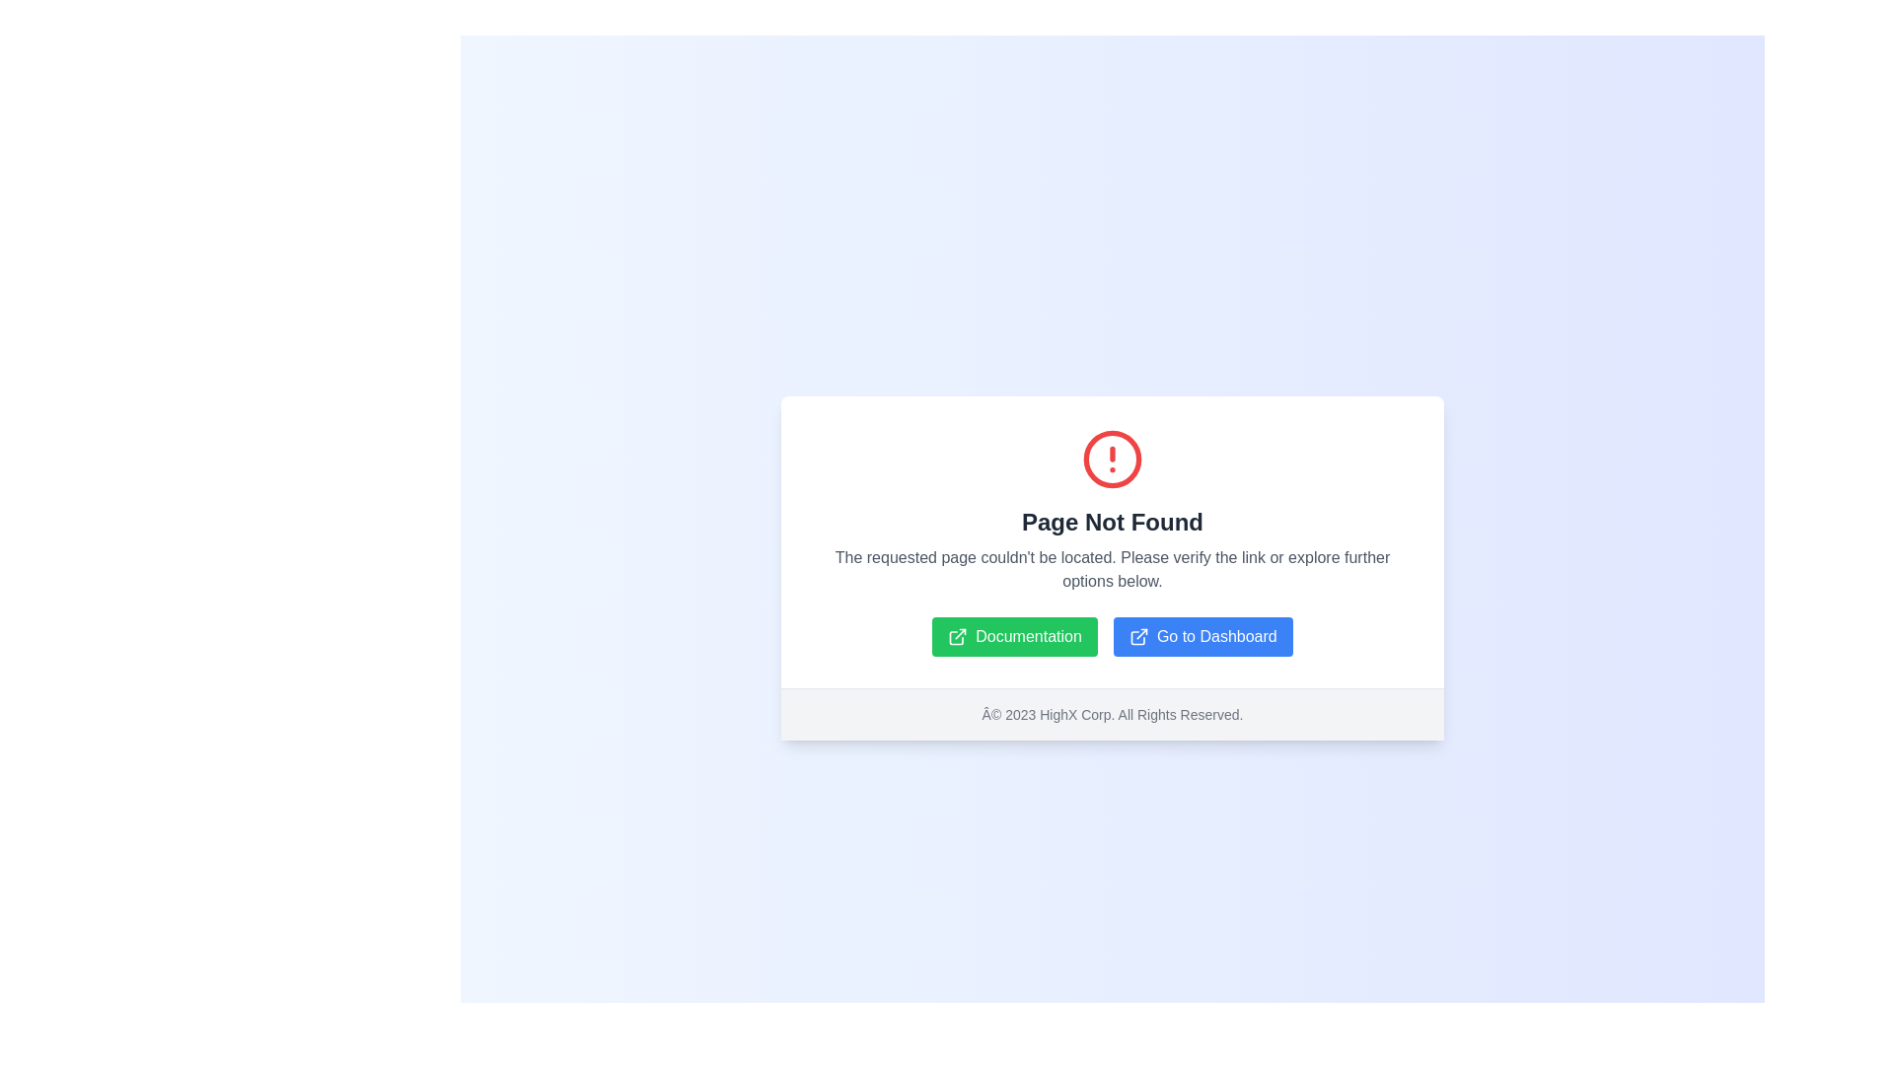  Describe the element at coordinates (1113, 714) in the screenshot. I see `the footer text label that provides copyright information, located at the bottom of the modal, below the 'Documentation' and 'Go to Dashboard' buttons` at that location.